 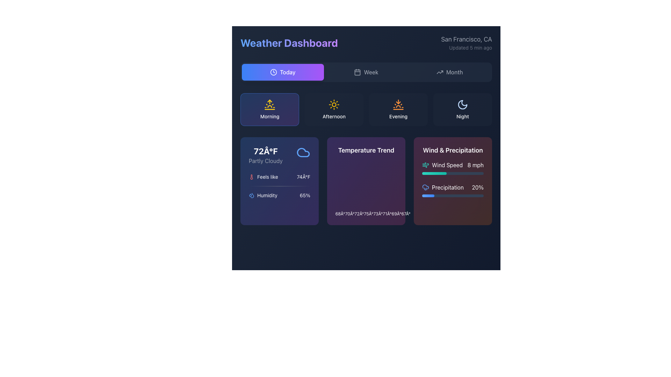 What do you see at coordinates (453, 190) in the screenshot?
I see `displayed precipitation percentage and progress bar from the informational display located in the 'Wind & Precipitation' section, which shows 'Precipitation' with a value of '20%' and a corresponding blue progress bar` at bounding box center [453, 190].